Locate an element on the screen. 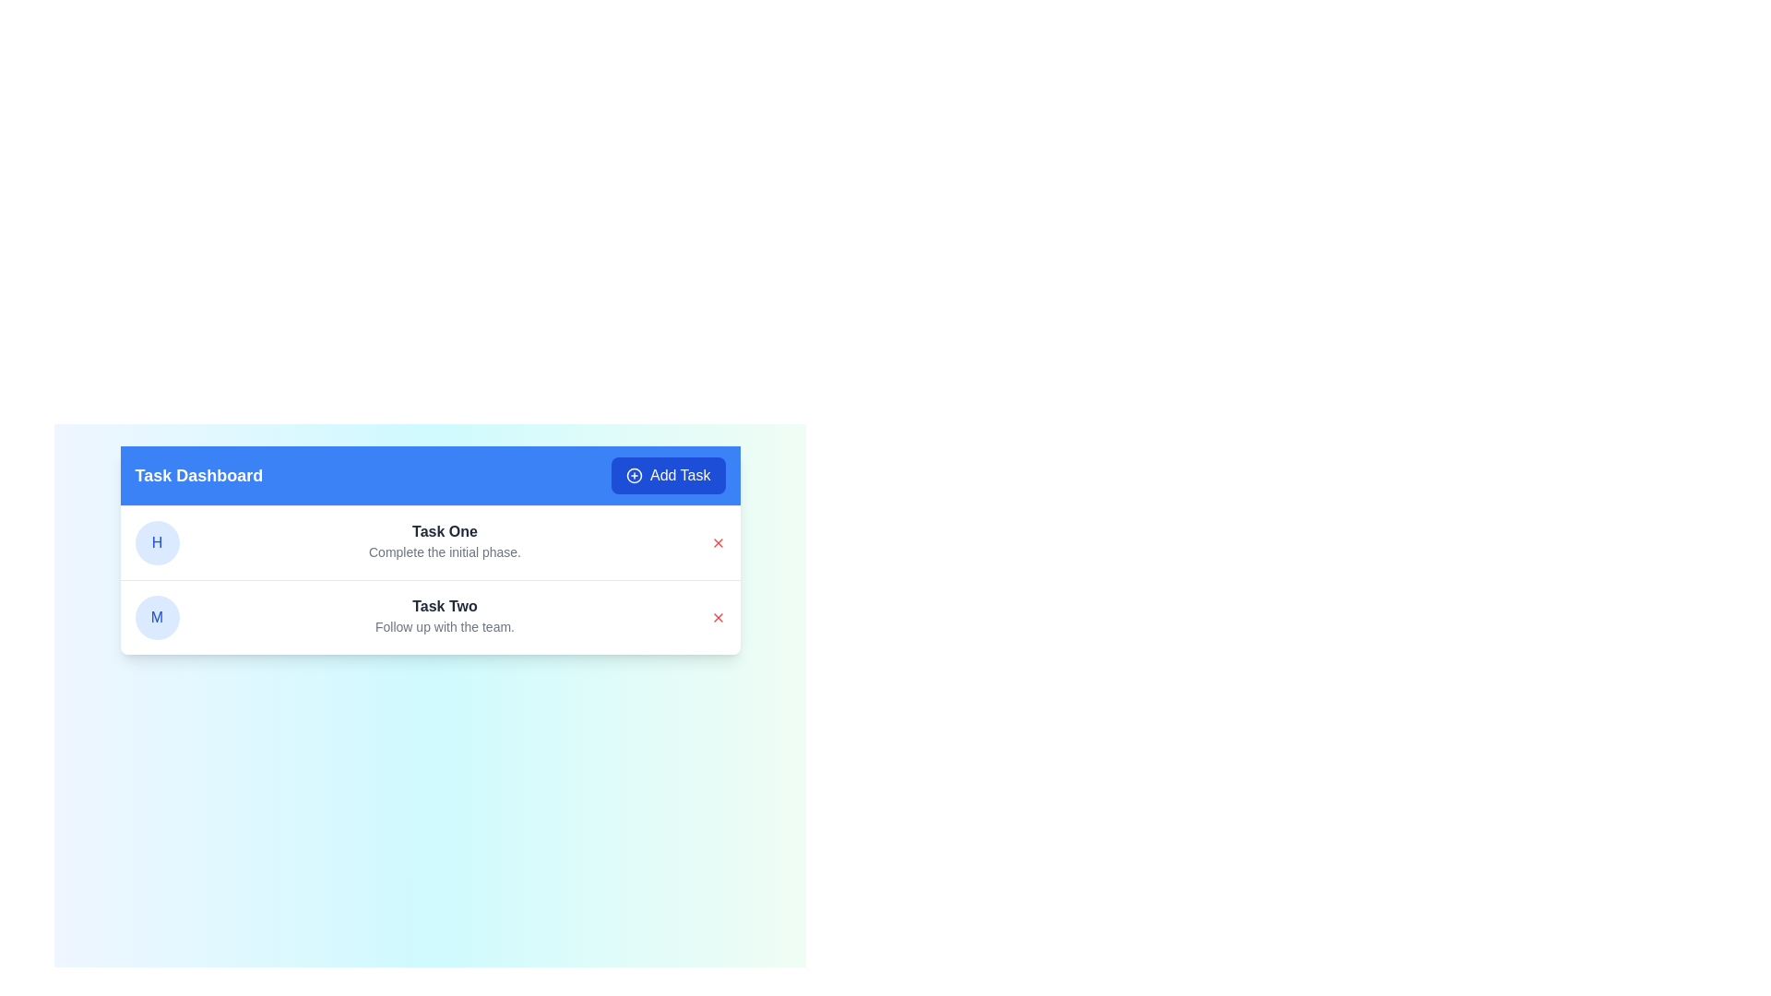 The width and height of the screenshot is (1771, 996). the Text label that provides a brief description about 'Task One', positioned below the 'Task One' header and aligned horizontally with it is located at coordinates (445, 551).